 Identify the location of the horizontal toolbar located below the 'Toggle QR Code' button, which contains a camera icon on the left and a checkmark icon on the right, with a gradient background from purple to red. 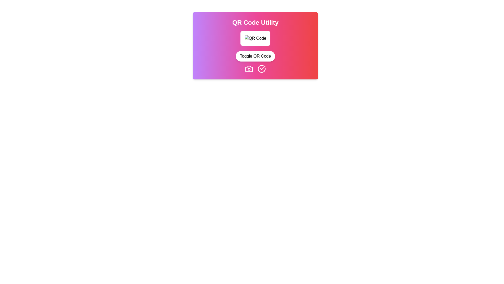
(255, 69).